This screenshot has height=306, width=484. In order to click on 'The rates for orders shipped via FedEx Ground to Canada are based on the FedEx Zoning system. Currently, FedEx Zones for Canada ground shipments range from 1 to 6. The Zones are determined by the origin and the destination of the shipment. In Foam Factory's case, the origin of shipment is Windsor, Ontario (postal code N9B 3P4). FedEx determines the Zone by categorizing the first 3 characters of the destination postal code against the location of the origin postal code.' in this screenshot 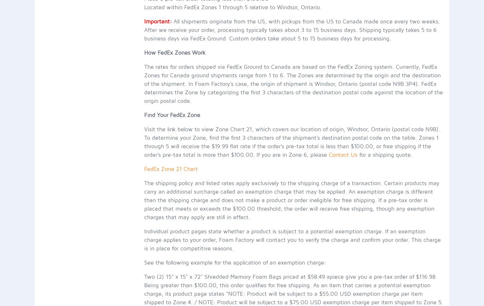, I will do `click(293, 84)`.